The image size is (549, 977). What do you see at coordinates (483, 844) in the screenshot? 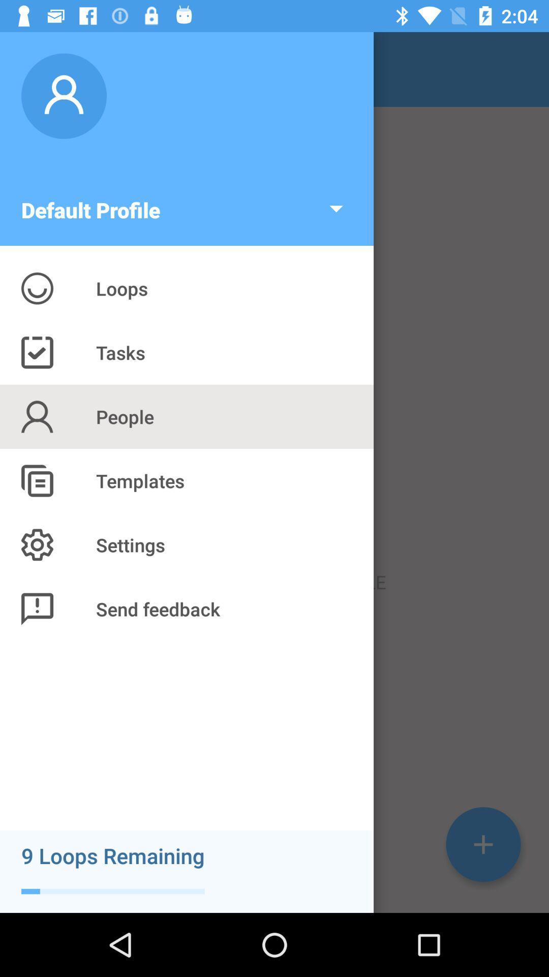
I see `the add icon` at bounding box center [483, 844].